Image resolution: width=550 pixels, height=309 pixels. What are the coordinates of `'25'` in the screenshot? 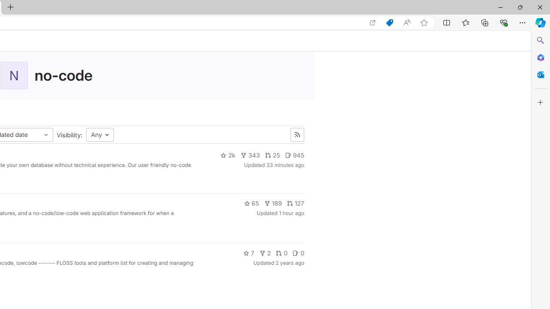 It's located at (272, 155).